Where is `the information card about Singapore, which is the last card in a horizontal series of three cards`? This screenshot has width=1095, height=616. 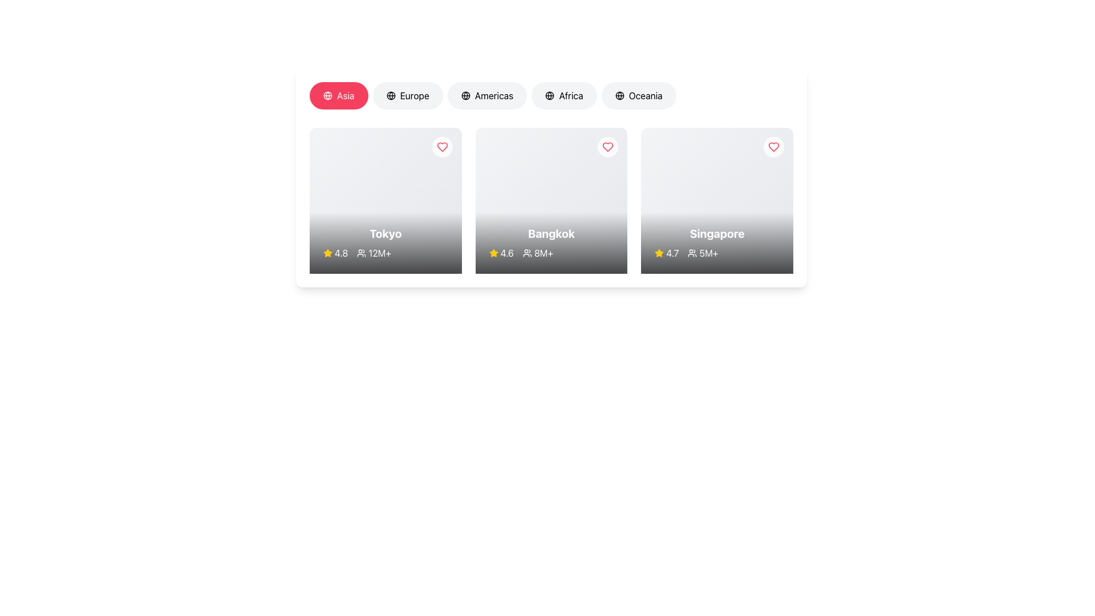 the information card about Singapore, which is the last card in a horizontal series of three cards is located at coordinates (716, 200).